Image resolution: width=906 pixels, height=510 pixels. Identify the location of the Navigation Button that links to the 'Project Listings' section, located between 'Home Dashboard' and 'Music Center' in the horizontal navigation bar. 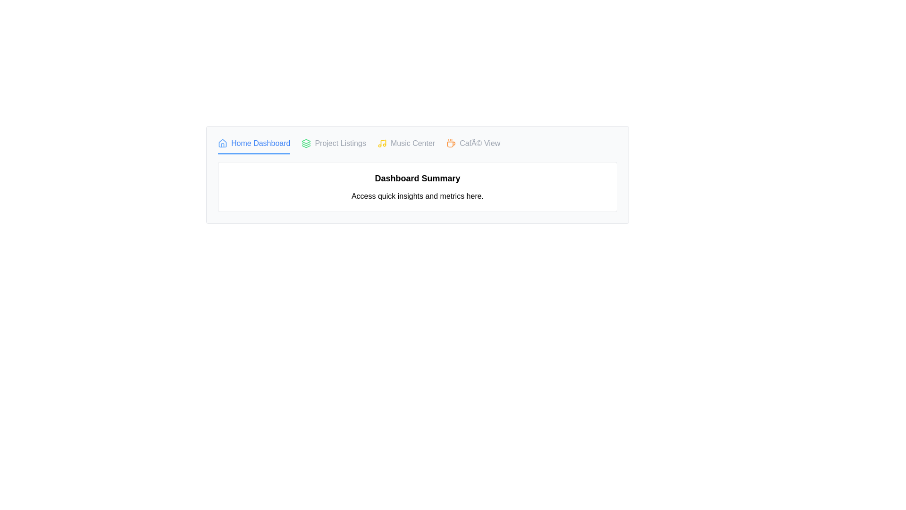
(334, 146).